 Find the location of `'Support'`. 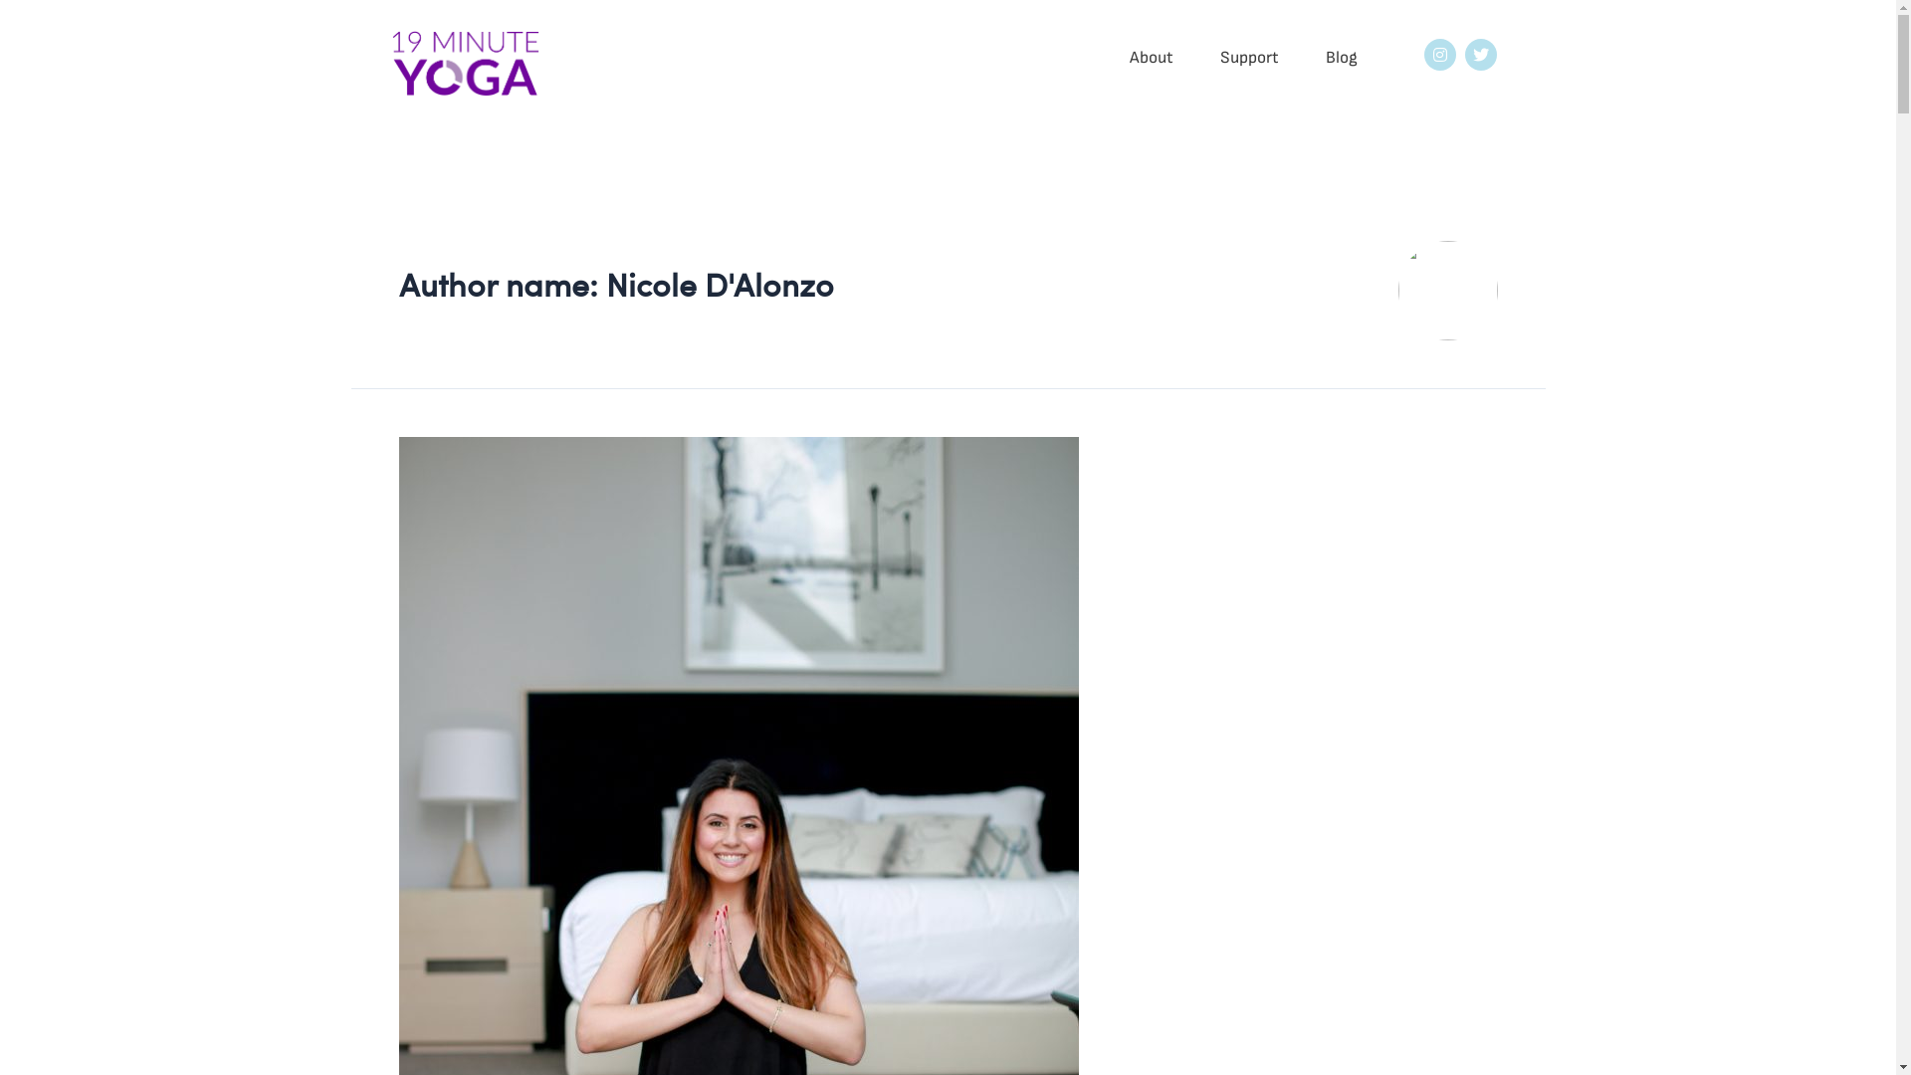

'Support' is located at coordinates (1248, 56).